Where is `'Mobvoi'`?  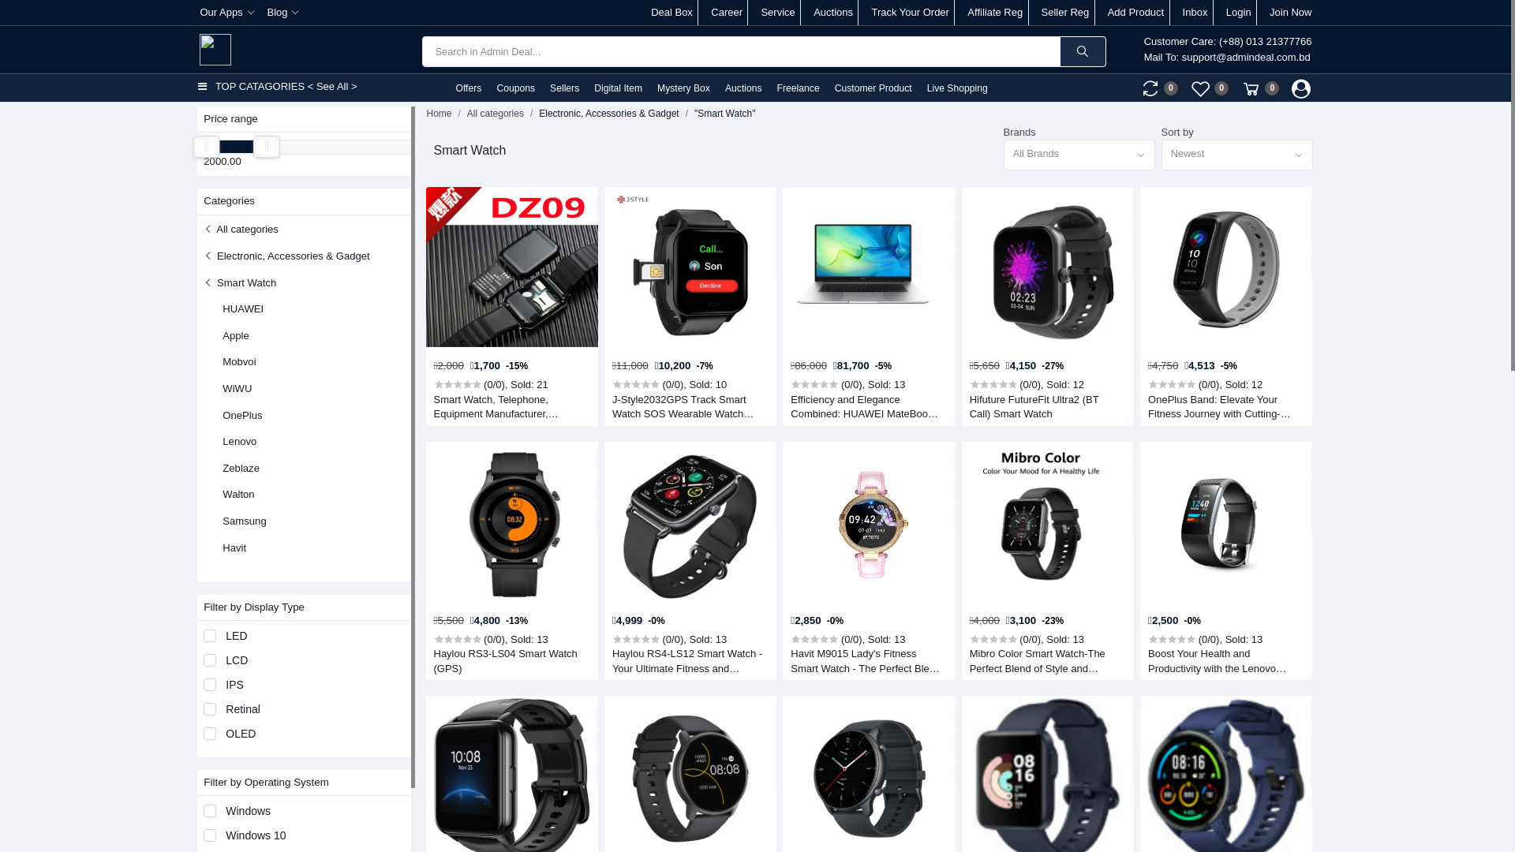 'Mobvoi' is located at coordinates (238, 361).